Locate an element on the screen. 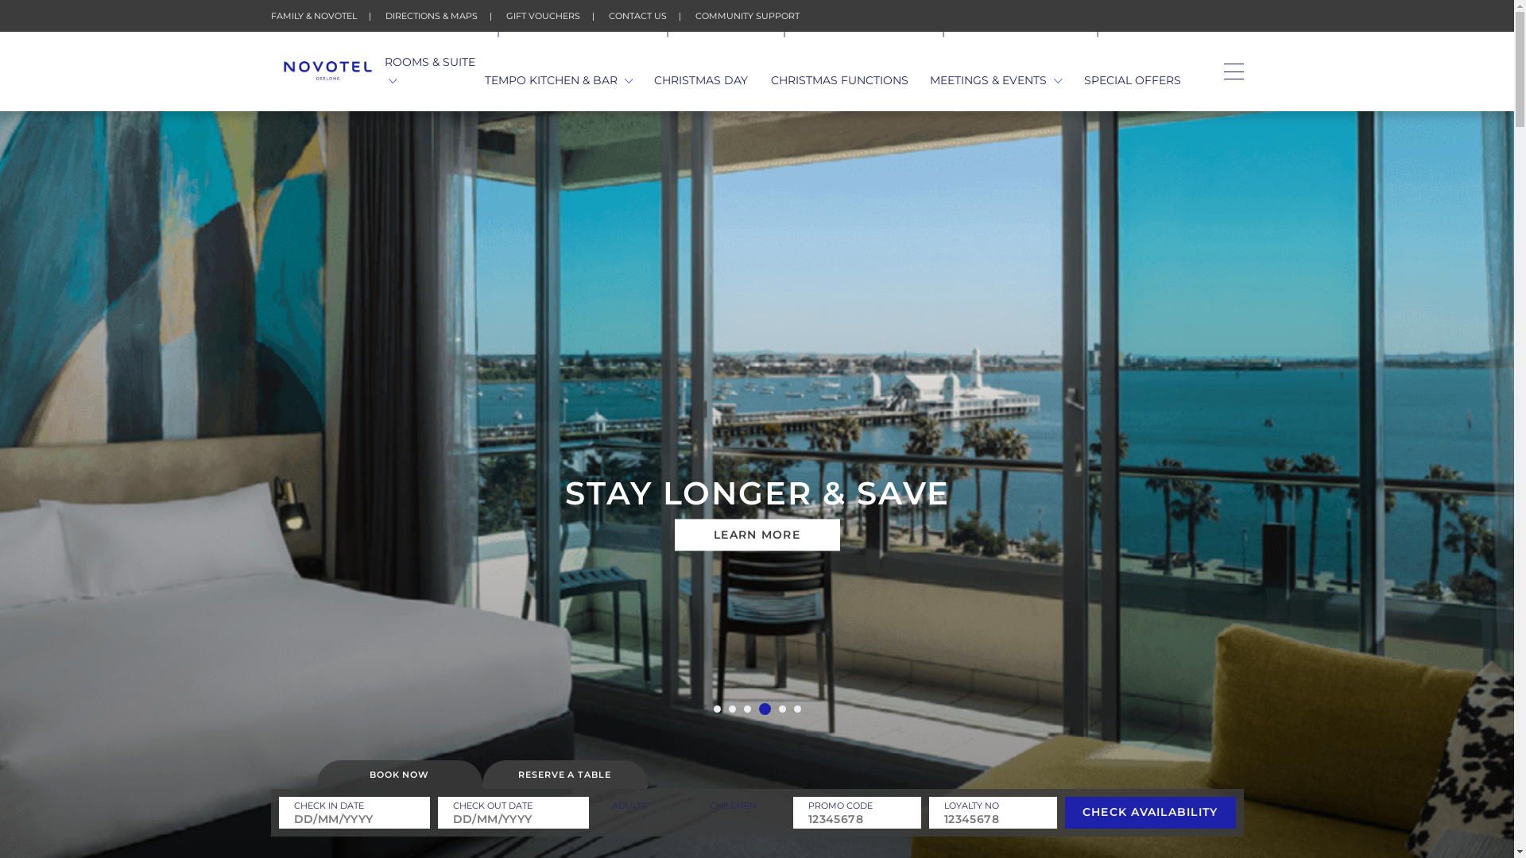 This screenshot has height=858, width=1526. 'CHRISTMAS FUNCTIONS' is located at coordinates (839, 80).